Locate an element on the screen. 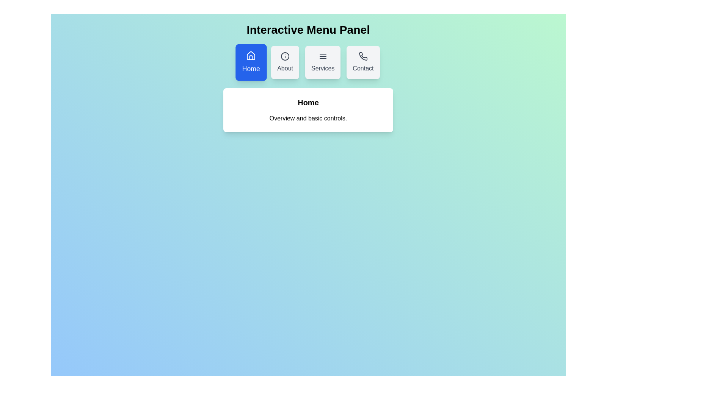 This screenshot has height=409, width=728. the menu option Contact is located at coordinates (362, 62).